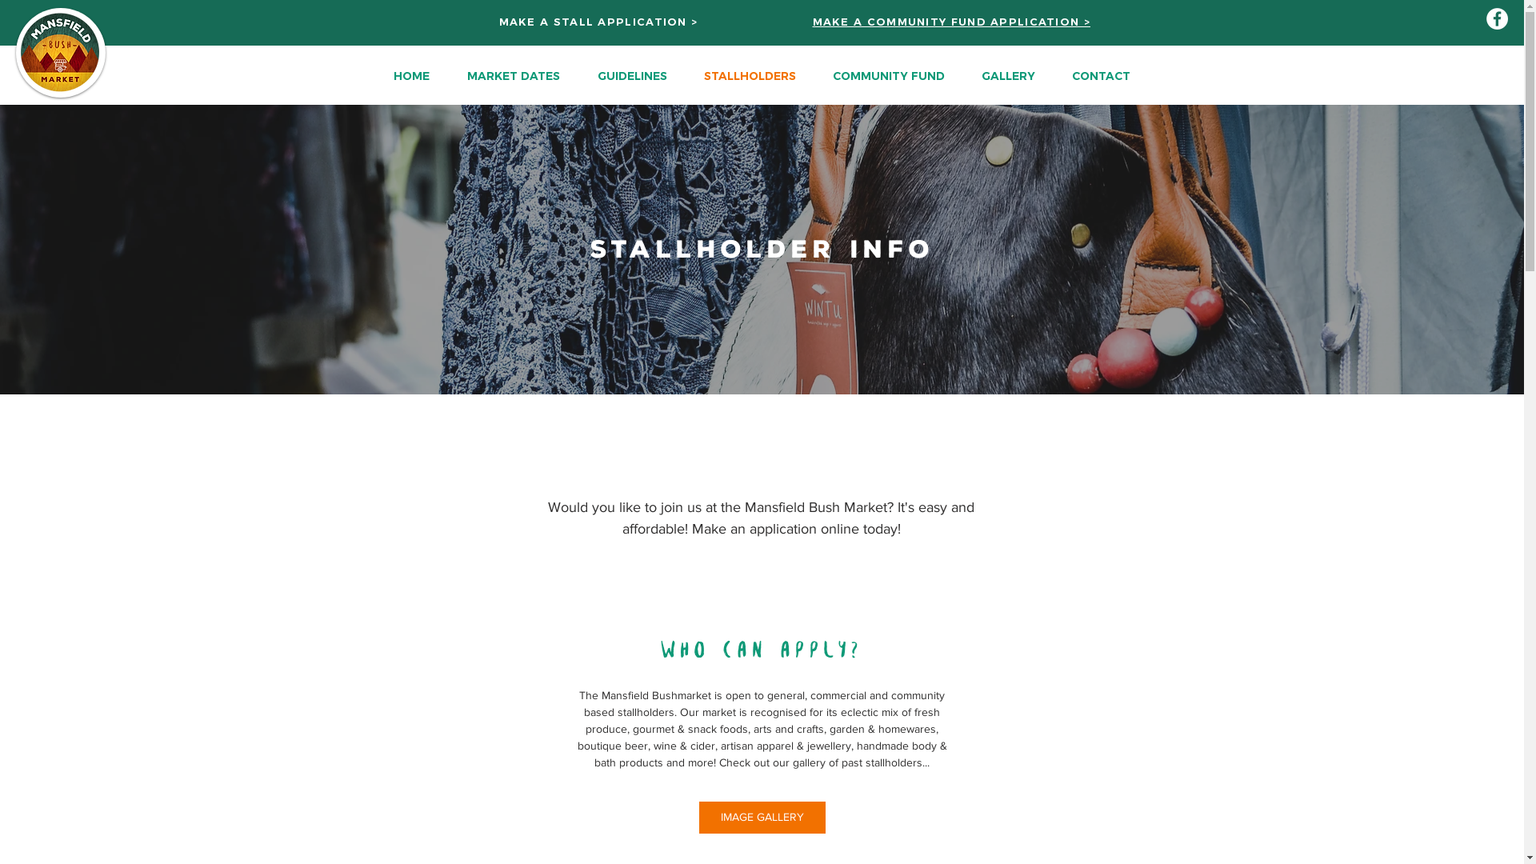 The width and height of the screenshot is (1536, 864). Describe the element at coordinates (410, 75) in the screenshot. I see `'HOME'` at that location.